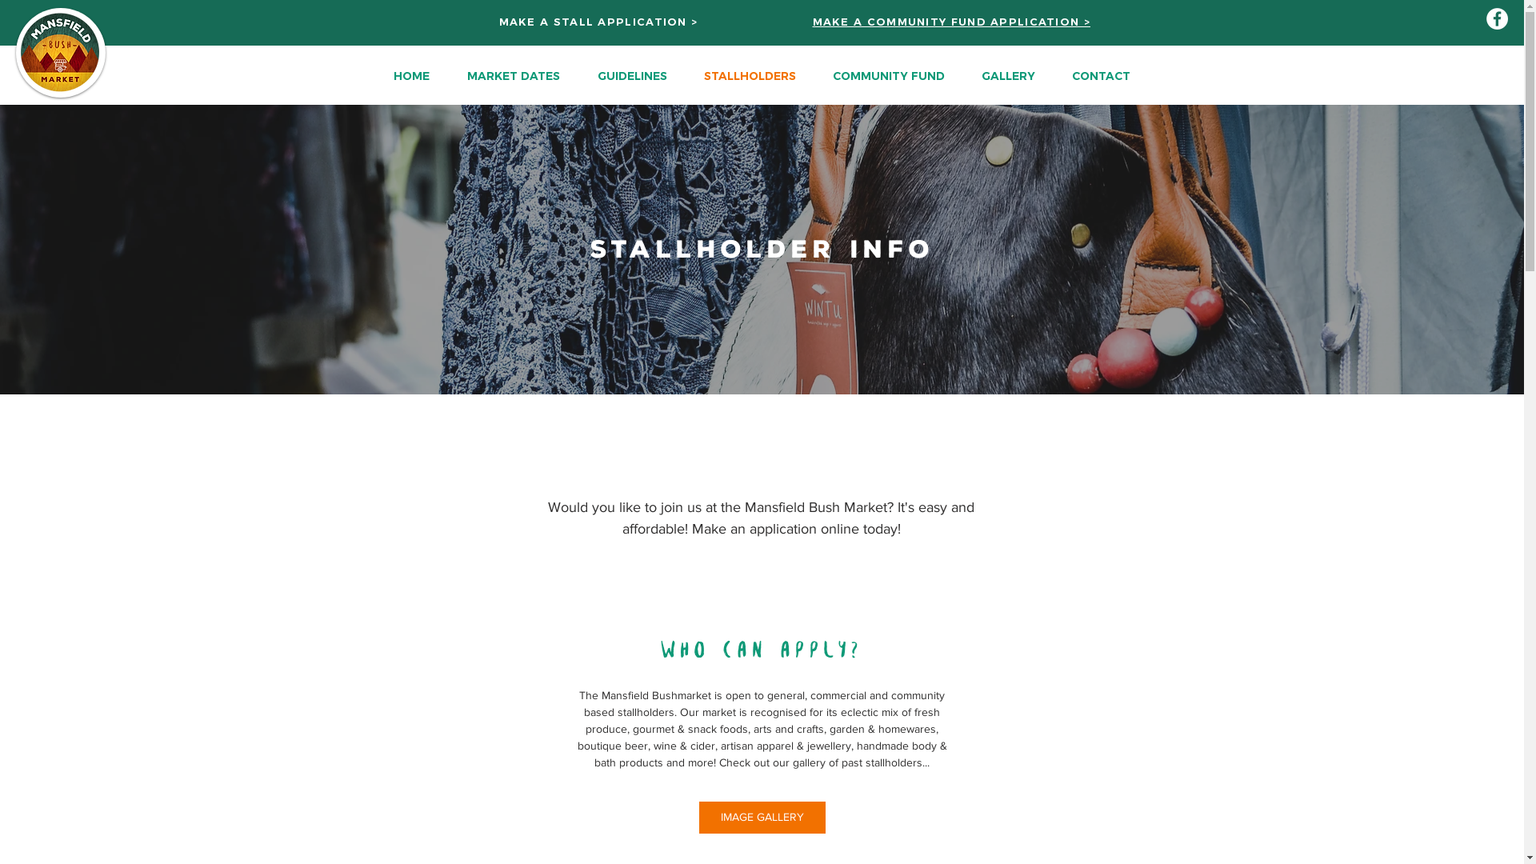 The width and height of the screenshot is (1536, 864). Describe the element at coordinates (410, 75) in the screenshot. I see `'HOME'` at that location.